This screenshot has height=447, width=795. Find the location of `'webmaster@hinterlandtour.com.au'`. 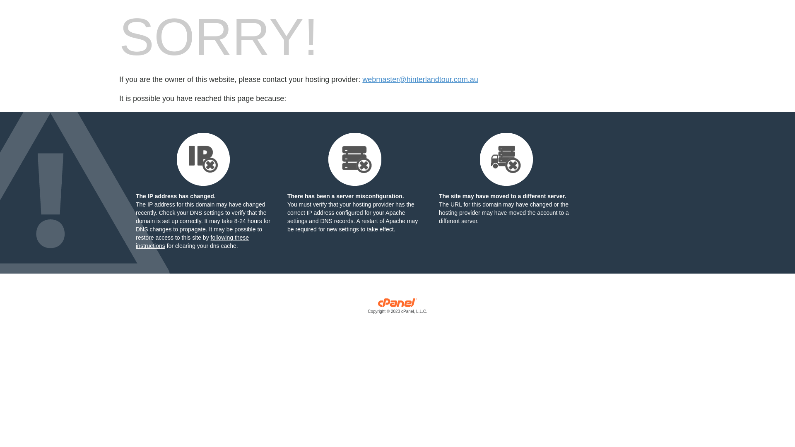

'webmaster@hinterlandtour.com.au' is located at coordinates (420, 79).